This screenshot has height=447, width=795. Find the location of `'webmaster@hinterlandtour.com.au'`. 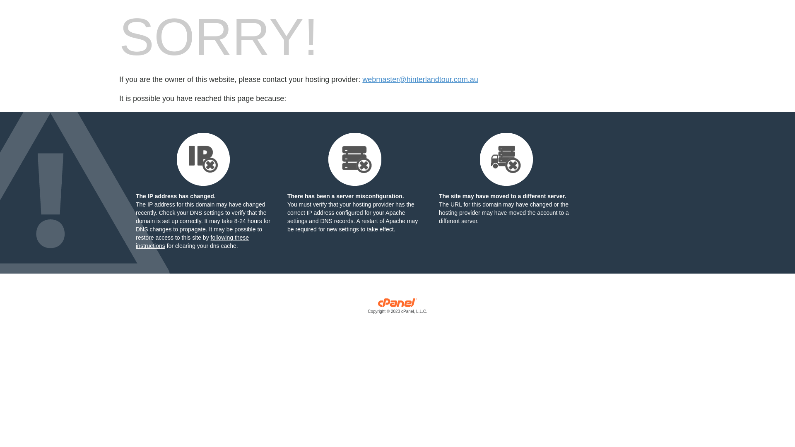

'webmaster@hinterlandtour.com.au' is located at coordinates (420, 79).